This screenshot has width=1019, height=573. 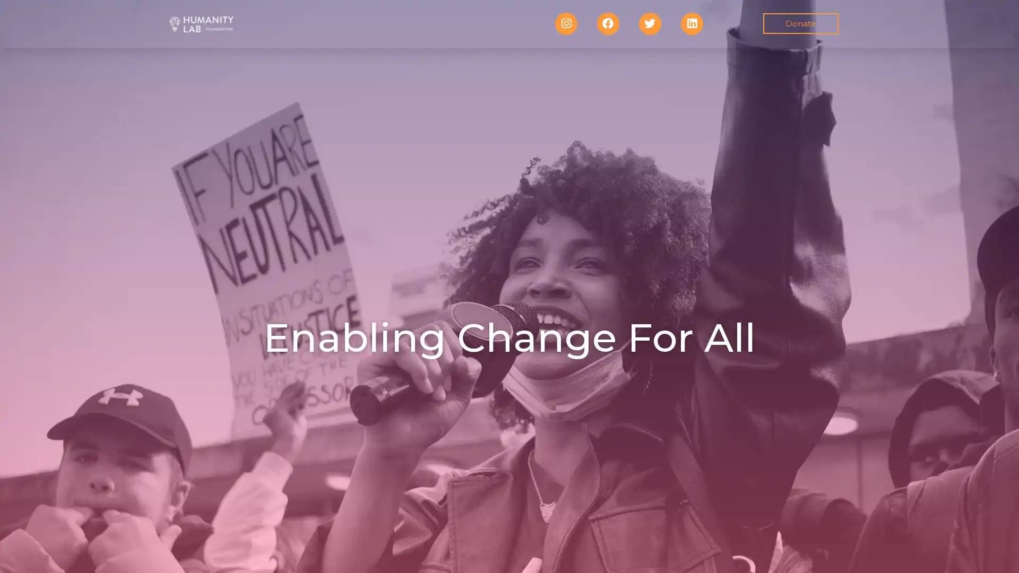 I want to click on Donate, so click(x=800, y=23).